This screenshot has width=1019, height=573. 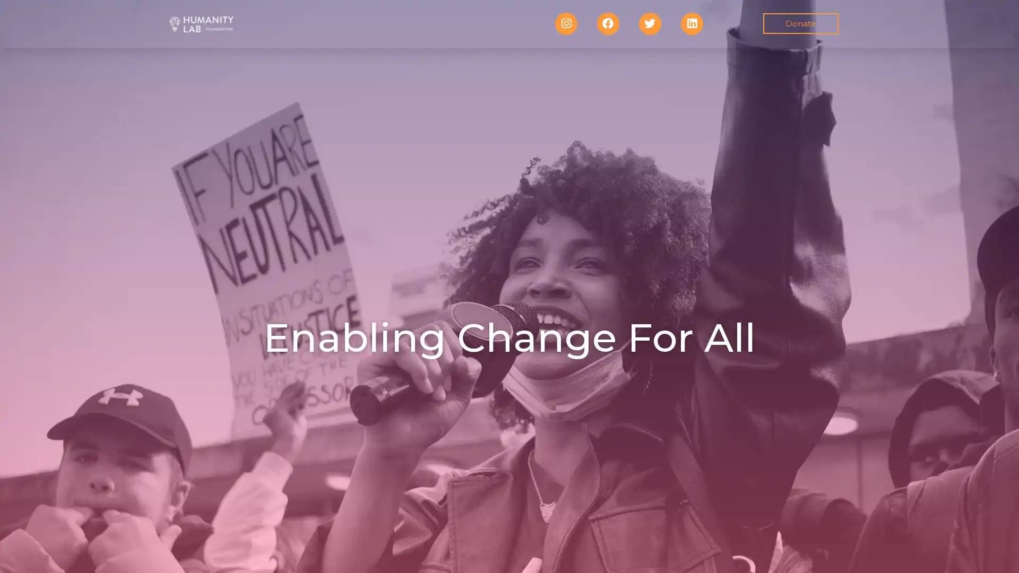 I want to click on Donate, so click(x=800, y=23).